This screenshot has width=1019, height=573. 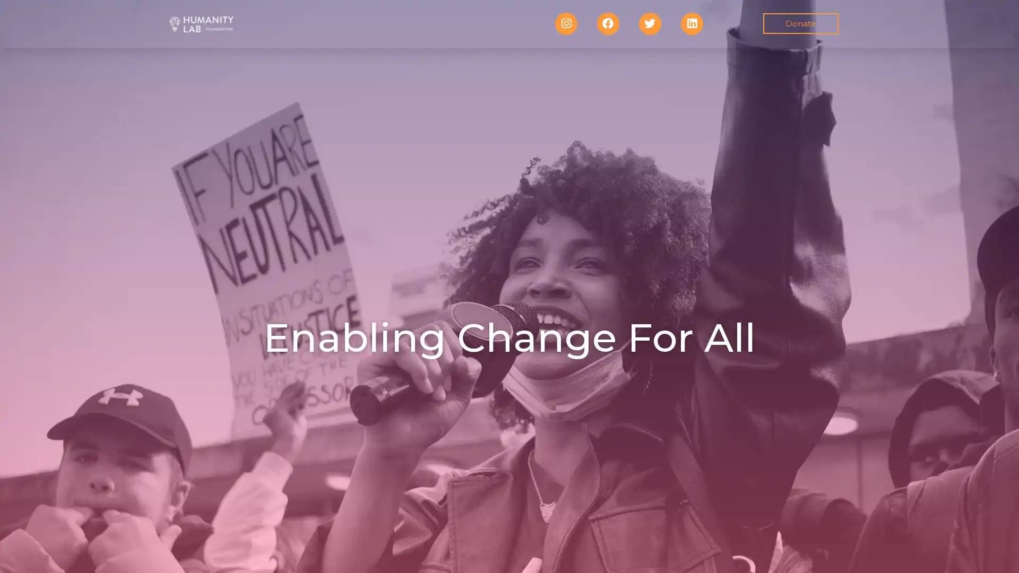 I want to click on Donate, so click(x=800, y=23).